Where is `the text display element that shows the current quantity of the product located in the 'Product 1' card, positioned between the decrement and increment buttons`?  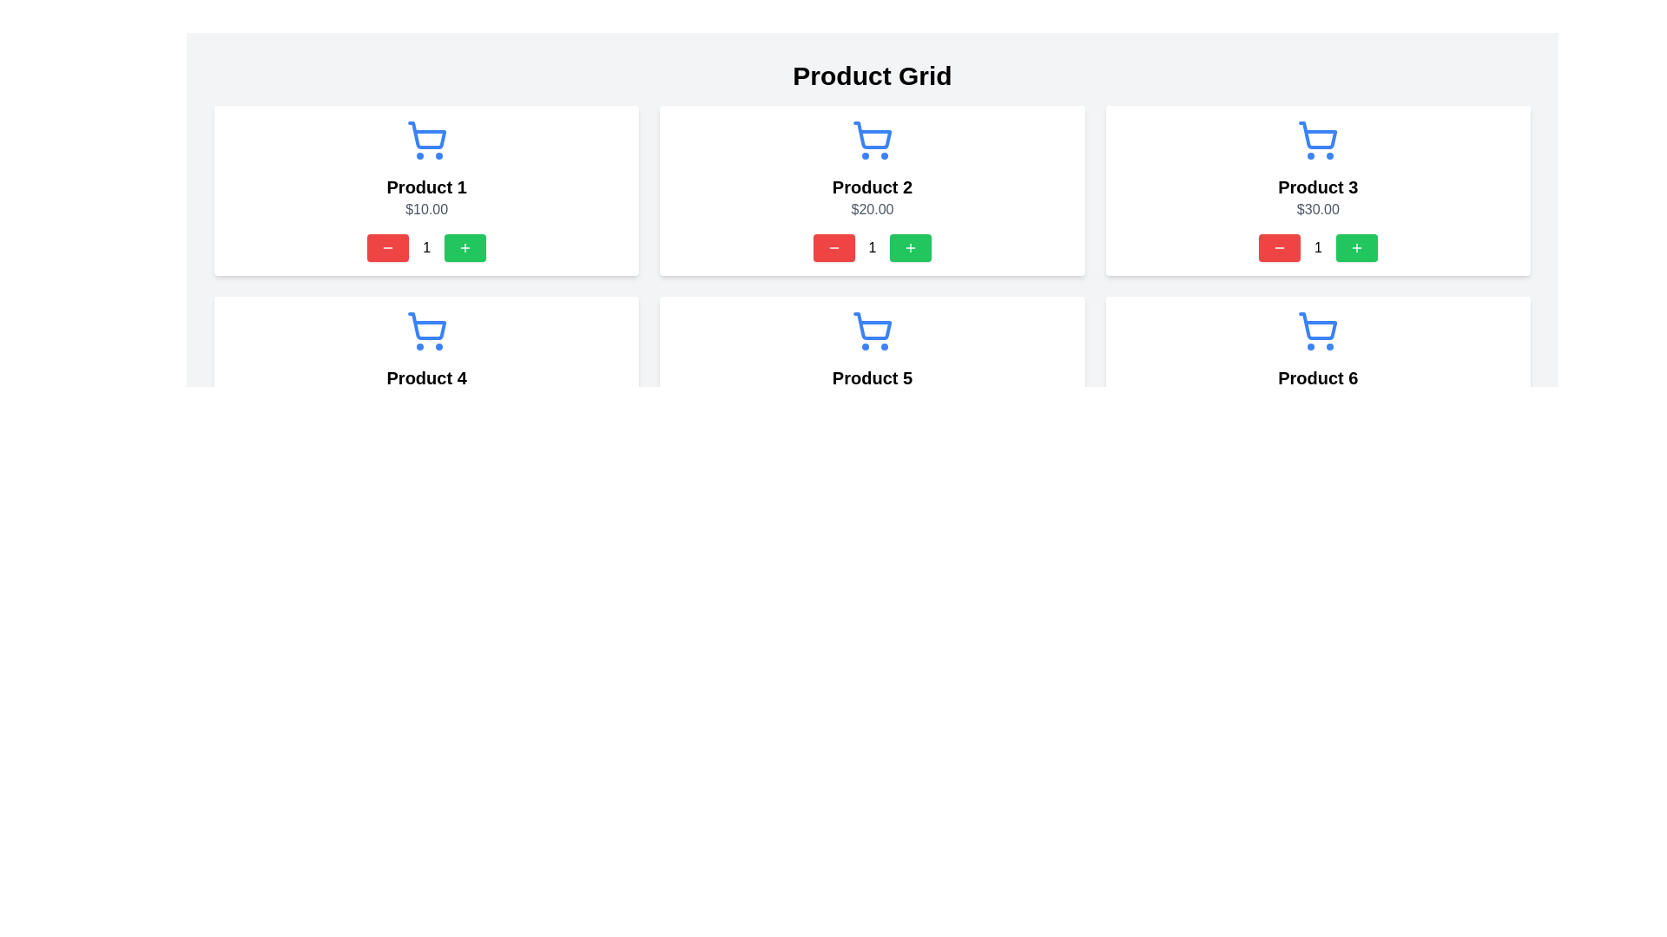
the text display element that shows the current quantity of the product located in the 'Product 1' card, positioned between the decrement and increment buttons is located at coordinates (426, 247).